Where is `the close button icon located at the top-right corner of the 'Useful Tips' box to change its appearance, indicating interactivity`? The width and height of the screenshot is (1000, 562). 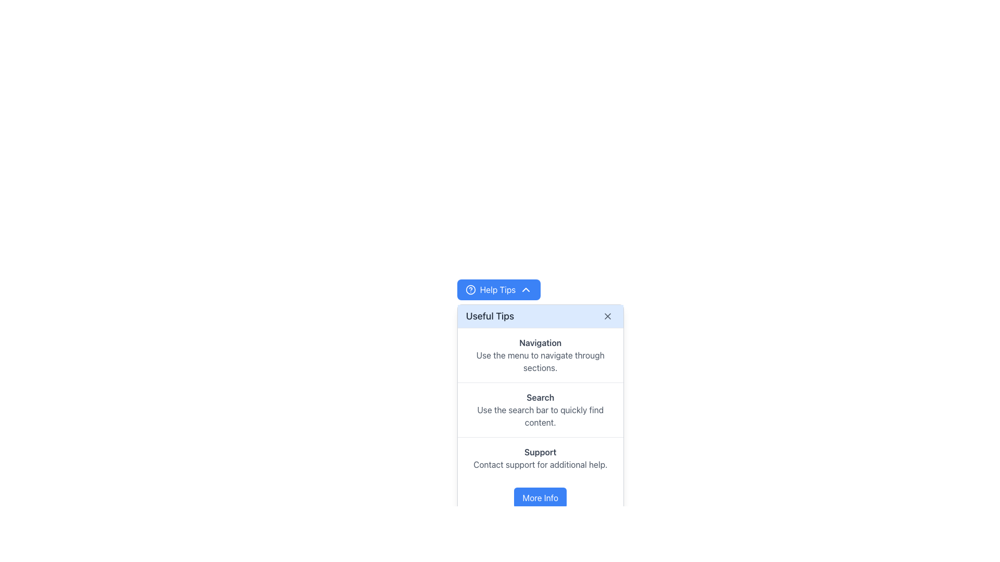 the close button icon located at the top-right corner of the 'Useful Tips' box to change its appearance, indicating interactivity is located at coordinates (607, 316).